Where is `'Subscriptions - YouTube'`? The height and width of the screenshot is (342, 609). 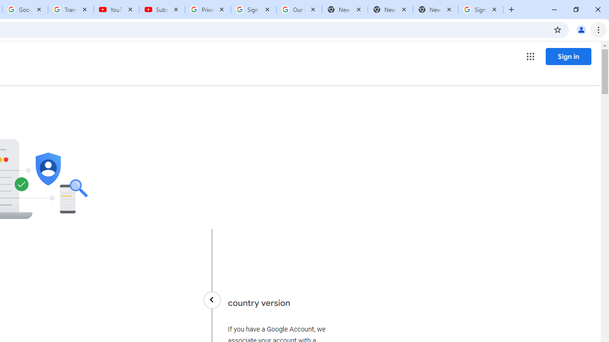 'Subscriptions - YouTube' is located at coordinates (162, 9).